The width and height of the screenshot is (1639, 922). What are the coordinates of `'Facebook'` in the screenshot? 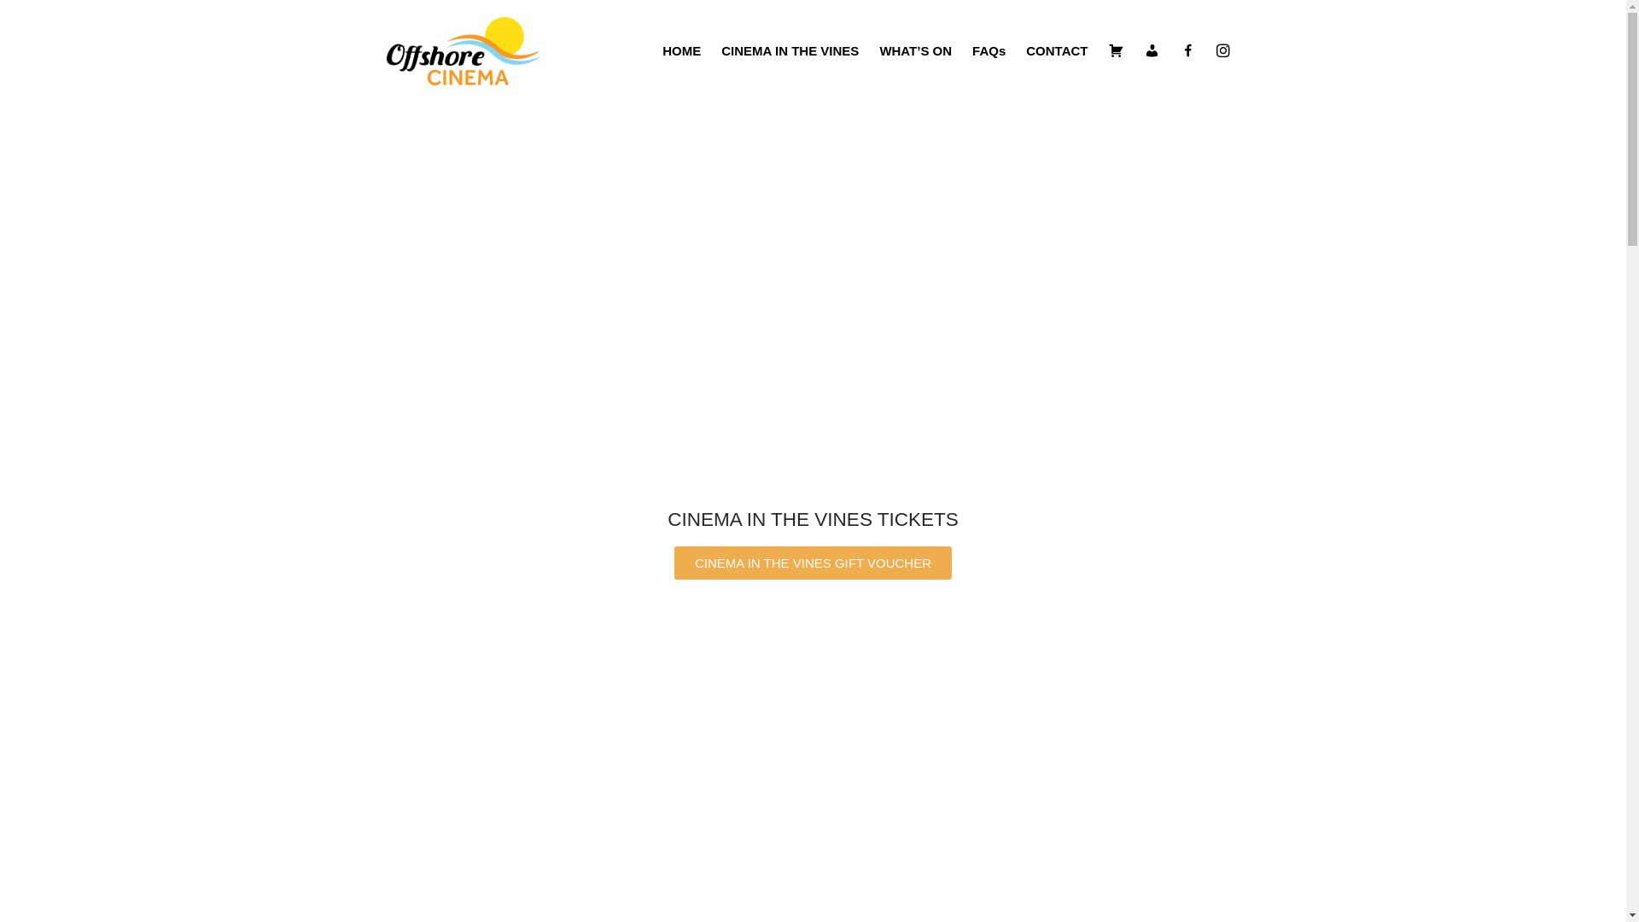 It's located at (1187, 50).